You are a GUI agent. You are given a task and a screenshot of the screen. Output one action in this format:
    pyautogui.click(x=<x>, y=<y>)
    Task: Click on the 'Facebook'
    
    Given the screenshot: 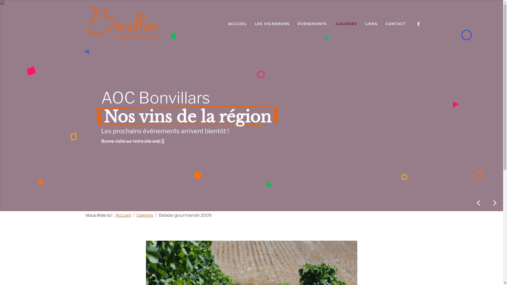 What is the action you would take?
    pyautogui.click(x=418, y=24)
    